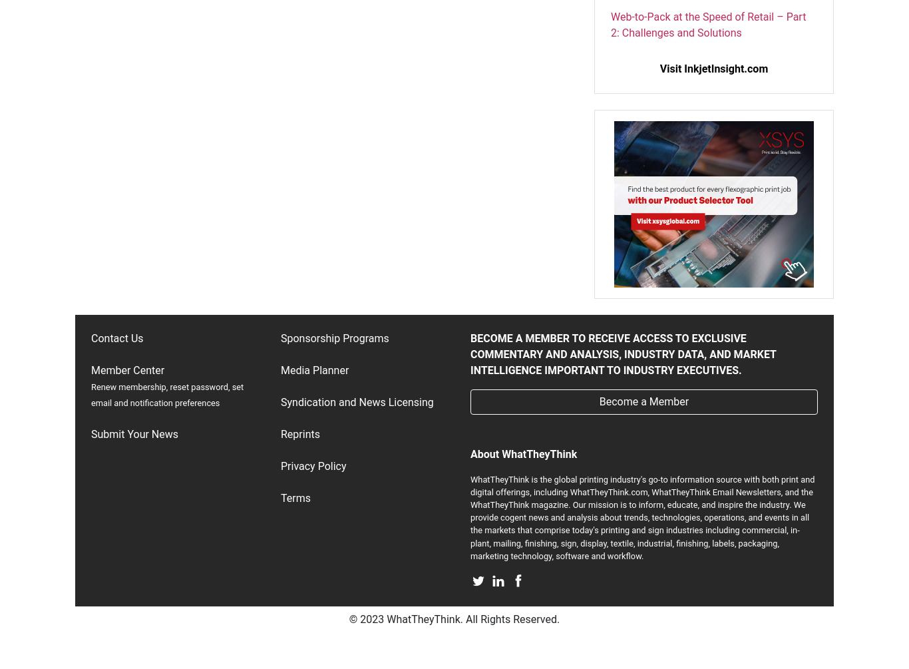 The height and width of the screenshot is (669, 909). I want to click on 'About WhatTheyThink', so click(523, 453).